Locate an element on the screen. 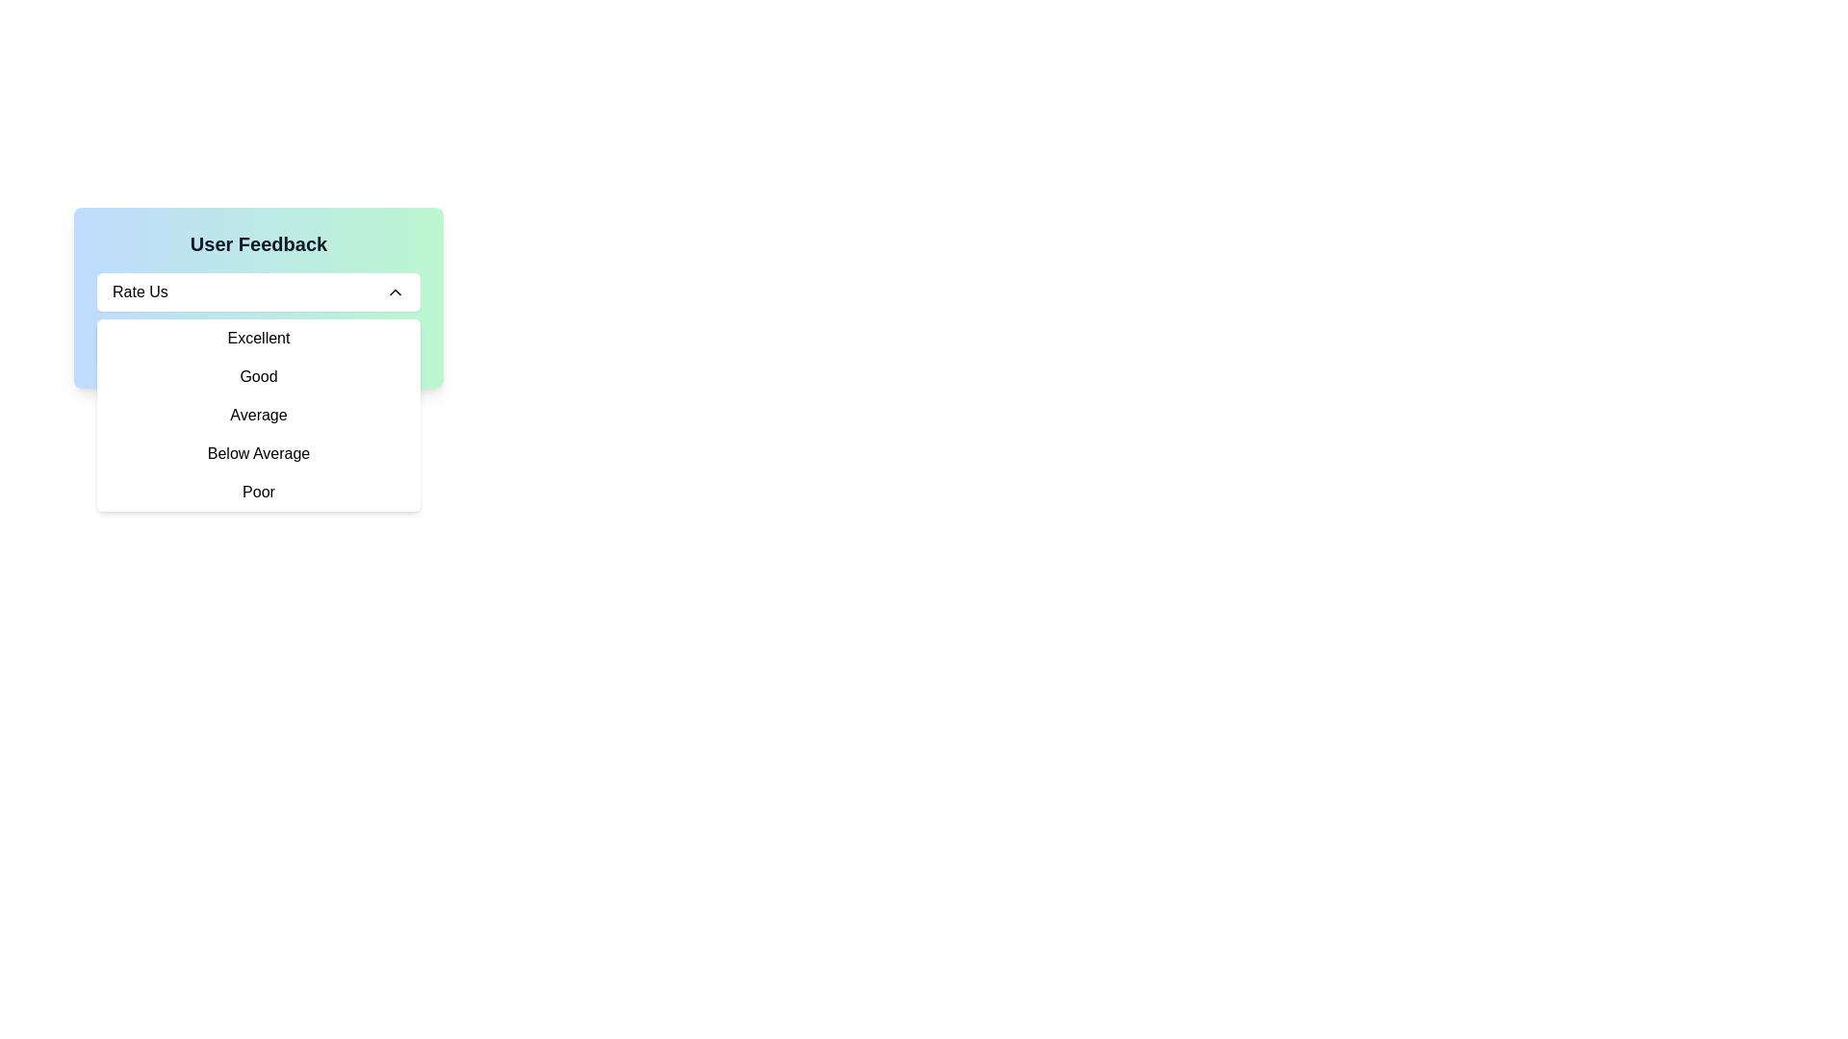 The width and height of the screenshot is (1848, 1039). the 'Poor' option in the feedback dropdown menu is located at coordinates (257, 492).